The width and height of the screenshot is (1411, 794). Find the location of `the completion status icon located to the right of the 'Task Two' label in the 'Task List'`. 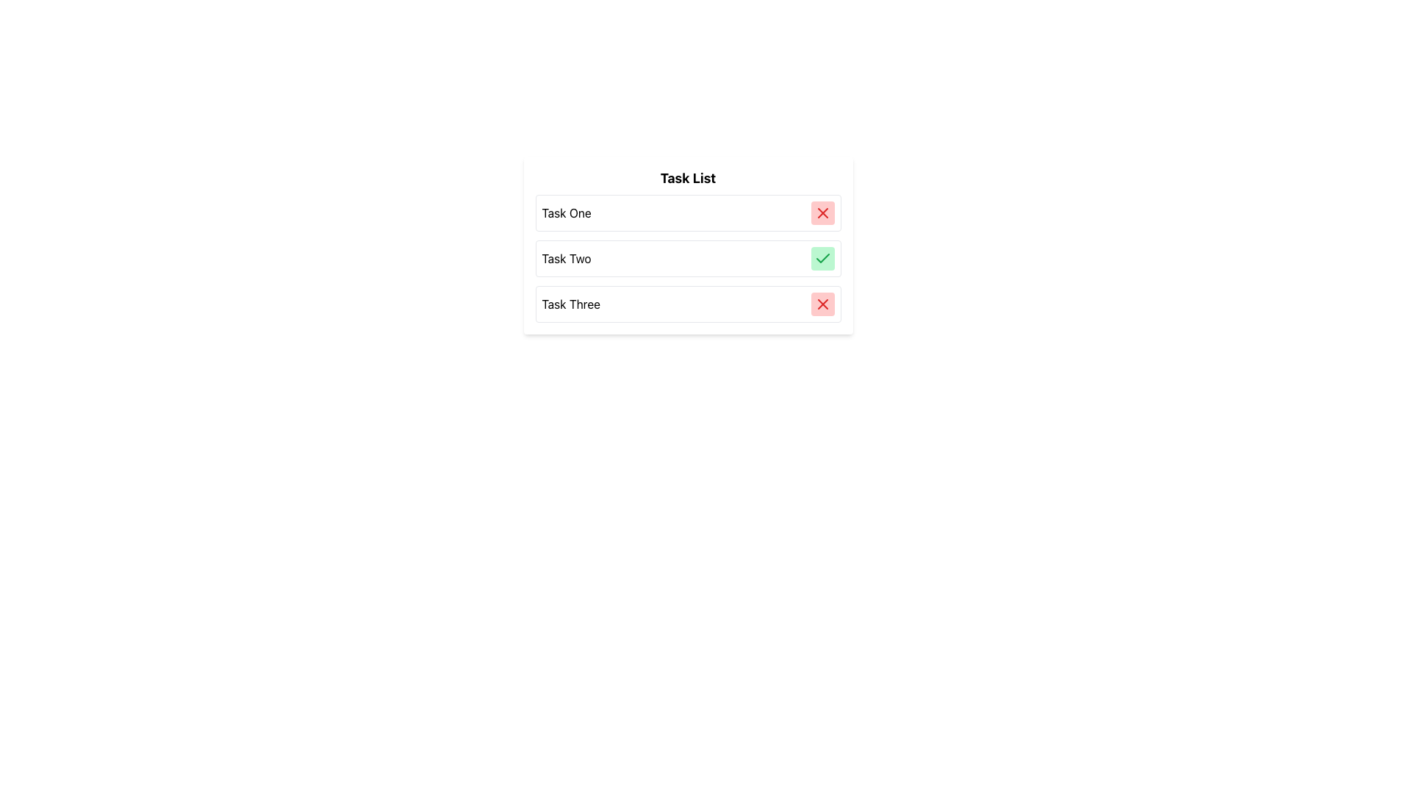

the completion status icon located to the right of the 'Task Two' label in the 'Task List' is located at coordinates (822, 257).